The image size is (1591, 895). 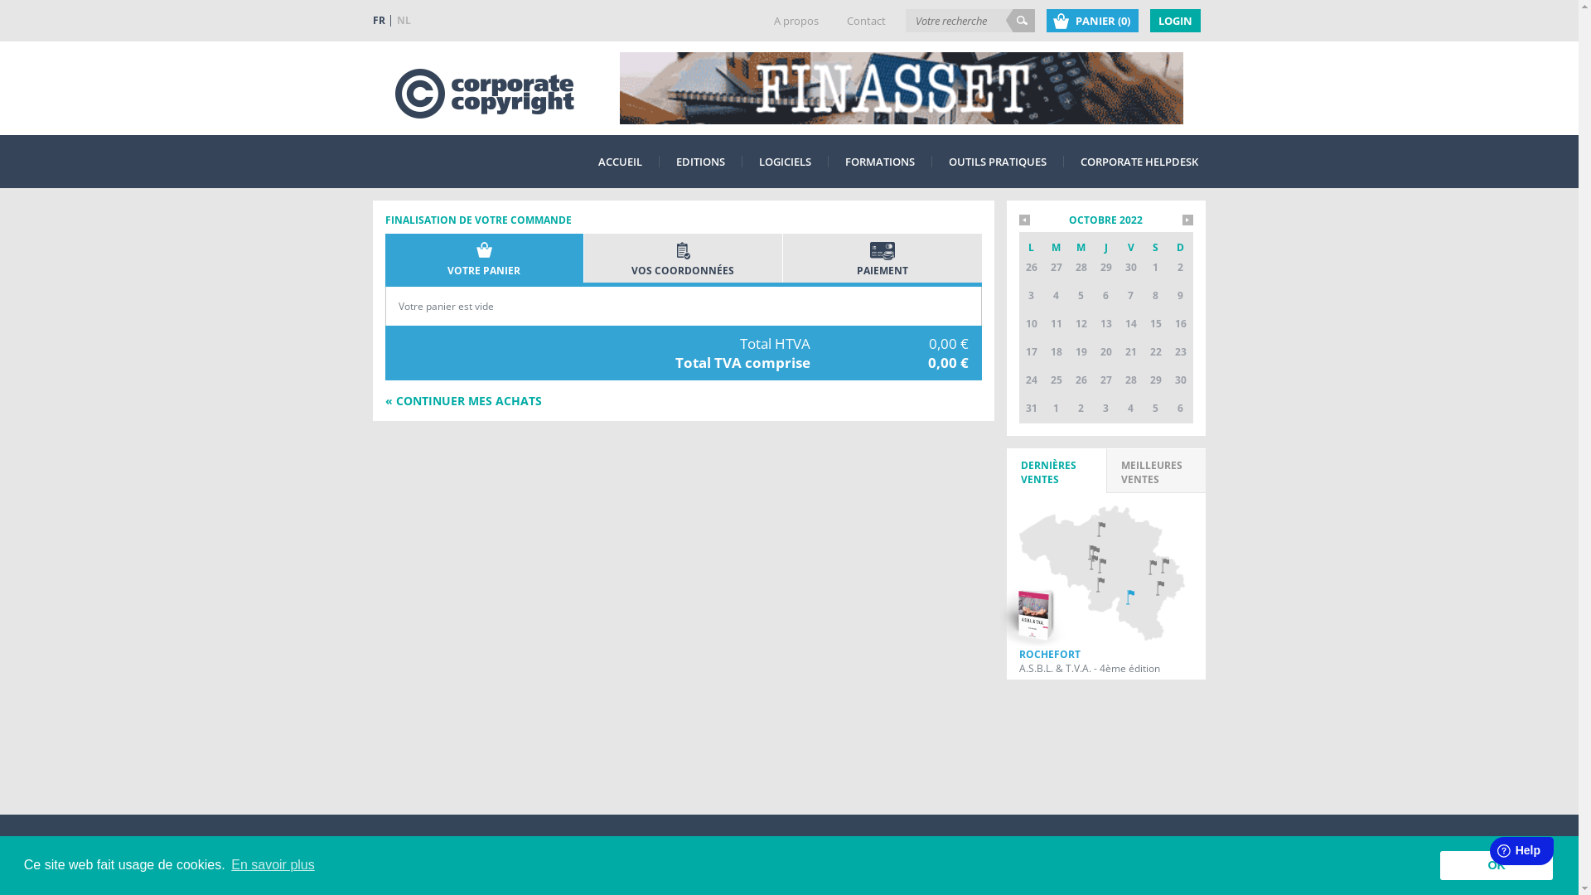 I want to click on '*mois_suivant', so click(x=1186, y=219).